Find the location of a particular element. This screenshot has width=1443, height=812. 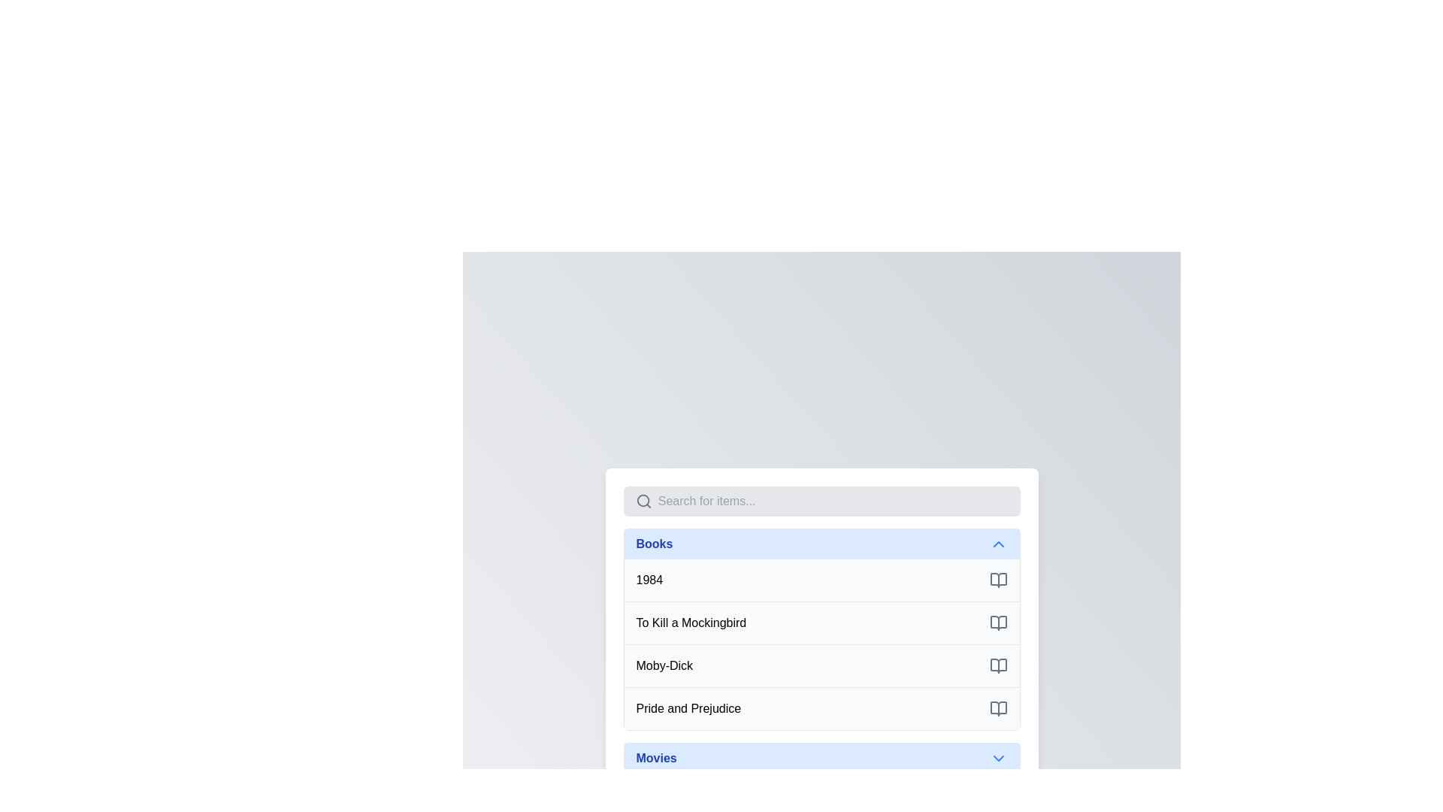

the downward-facing blue chevron icon located beside the 'Movies' text label is located at coordinates (998, 758).